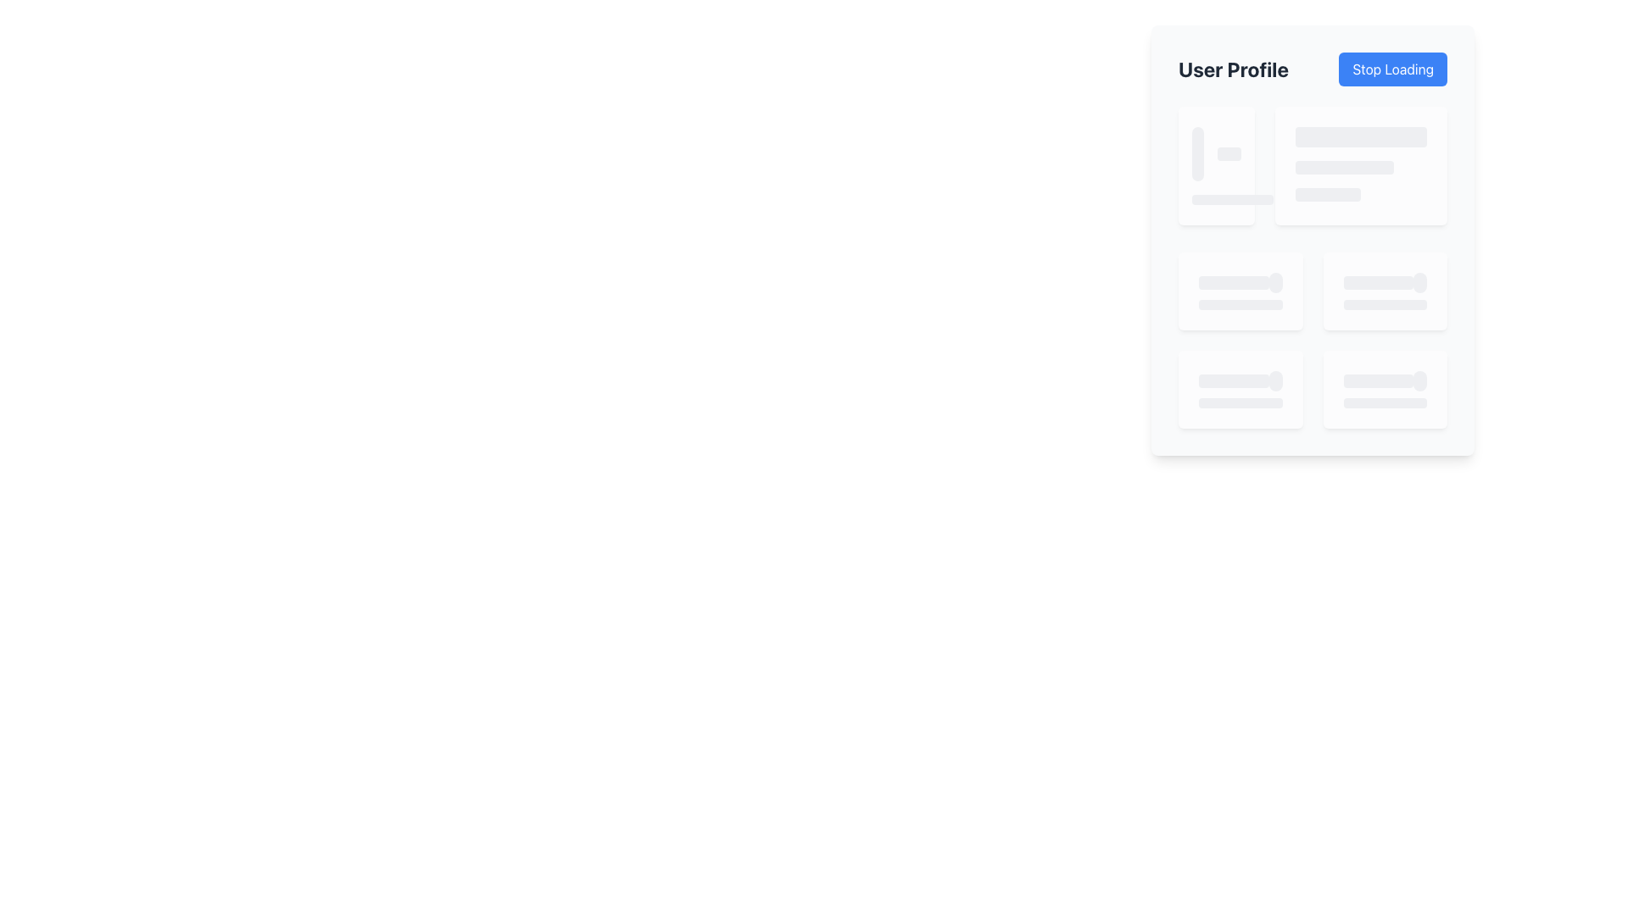 This screenshot has width=1628, height=915. I want to click on the decorative placeholder or progress bar, which is a horizontal bar-like shape with rounded ends, colored in light gray, positioned within a rectangular card-like area towards the middle-right of the user interface, so click(1234, 282).